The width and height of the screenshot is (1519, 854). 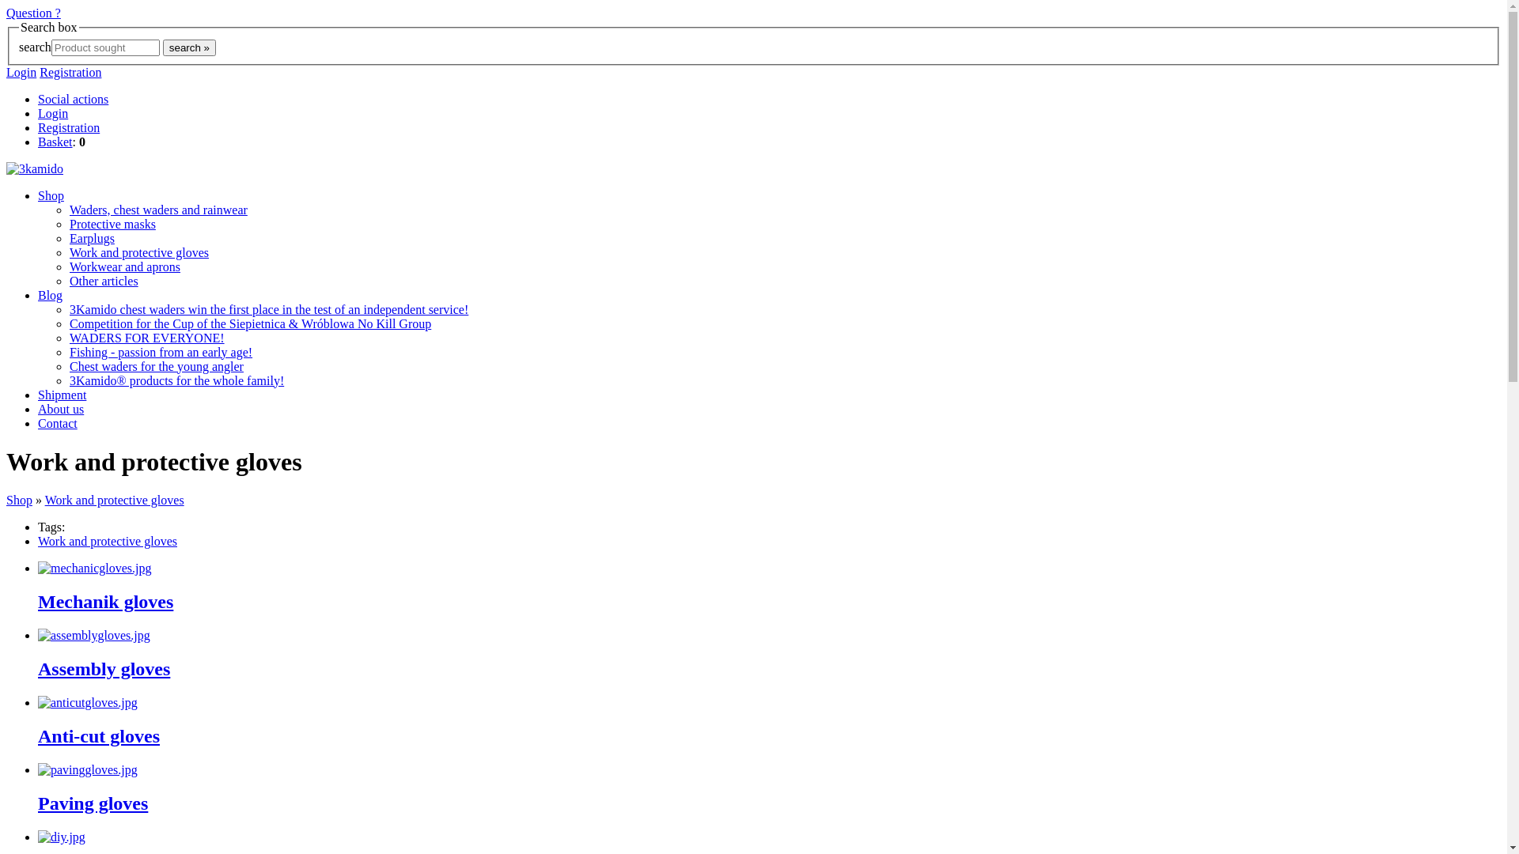 I want to click on 'About us', so click(x=60, y=408).